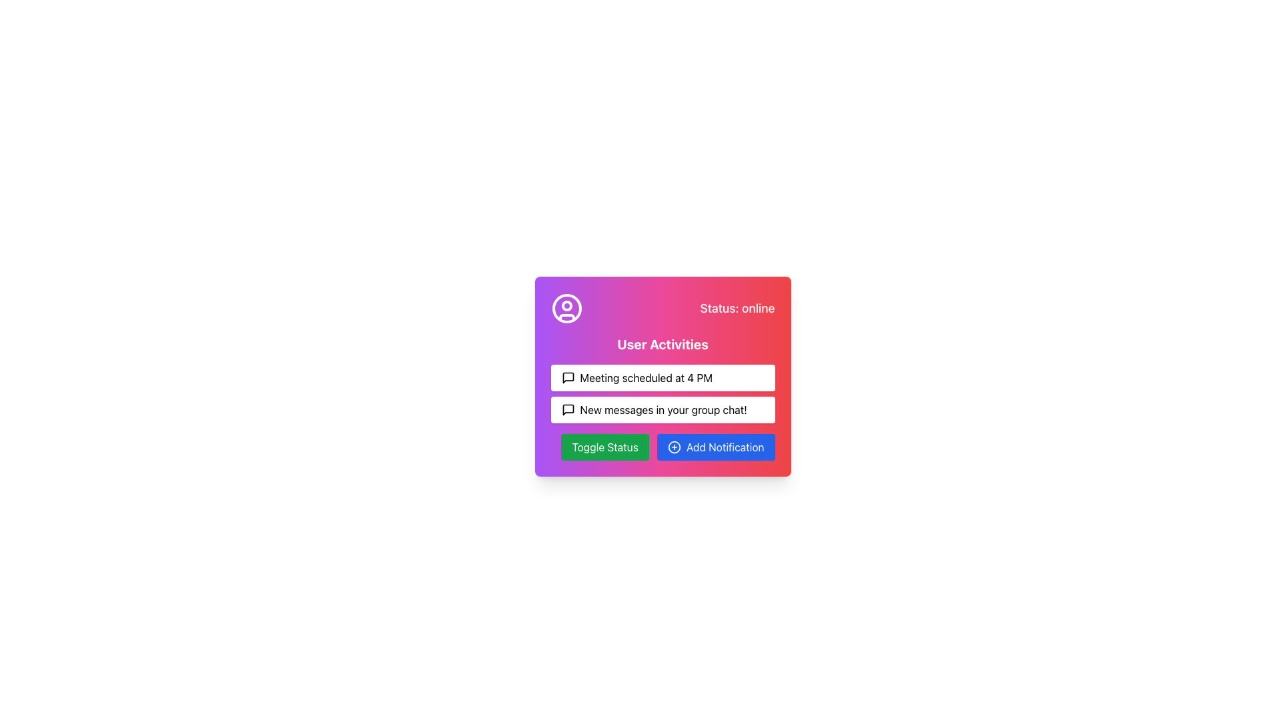 The image size is (1281, 720). What do you see at coordinates (674, 447) in the screenshot?
I see `the addition icon located within the 'Add Notification' button at the bottom-right corner of the panel` at bounding box center [674, 447].